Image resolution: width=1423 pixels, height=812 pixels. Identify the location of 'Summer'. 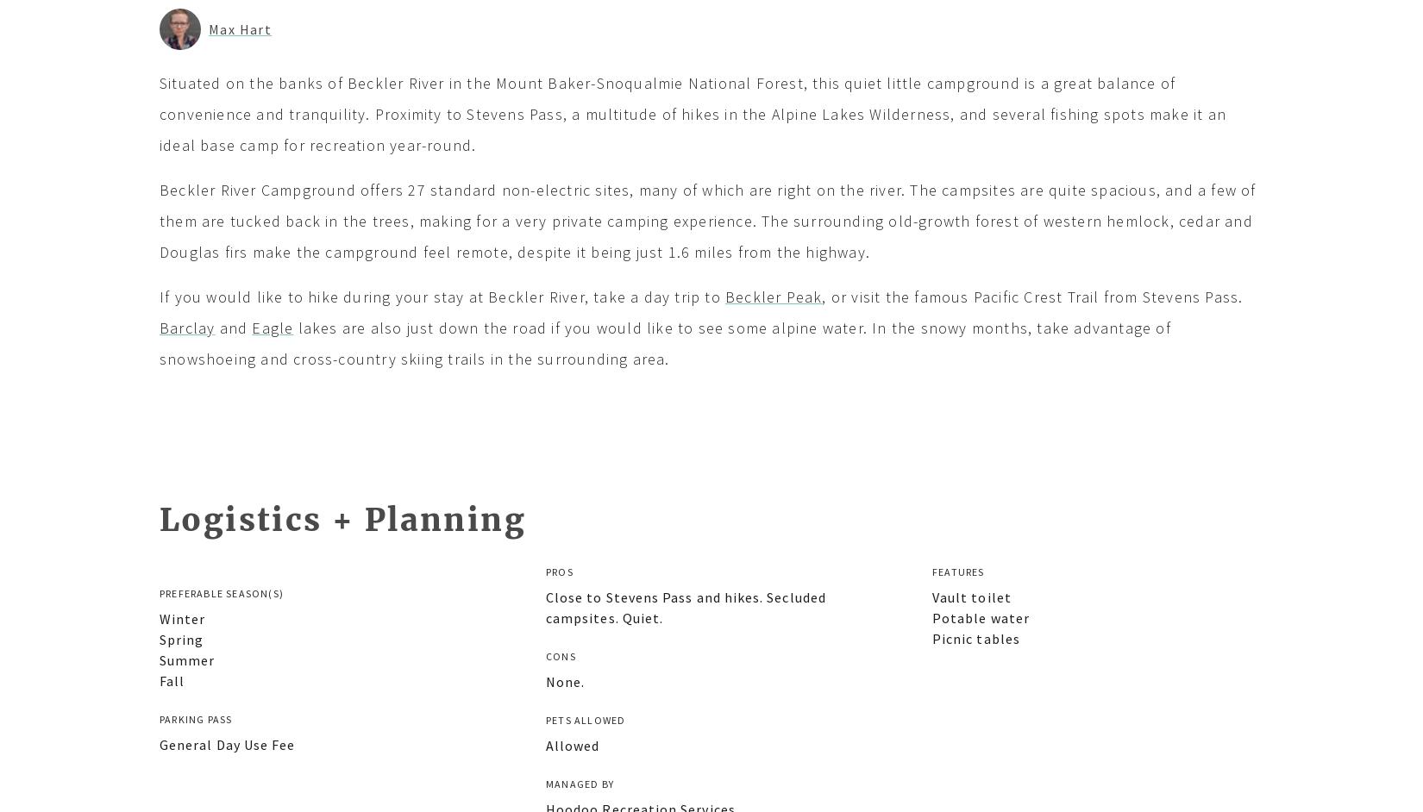
(186, 659).